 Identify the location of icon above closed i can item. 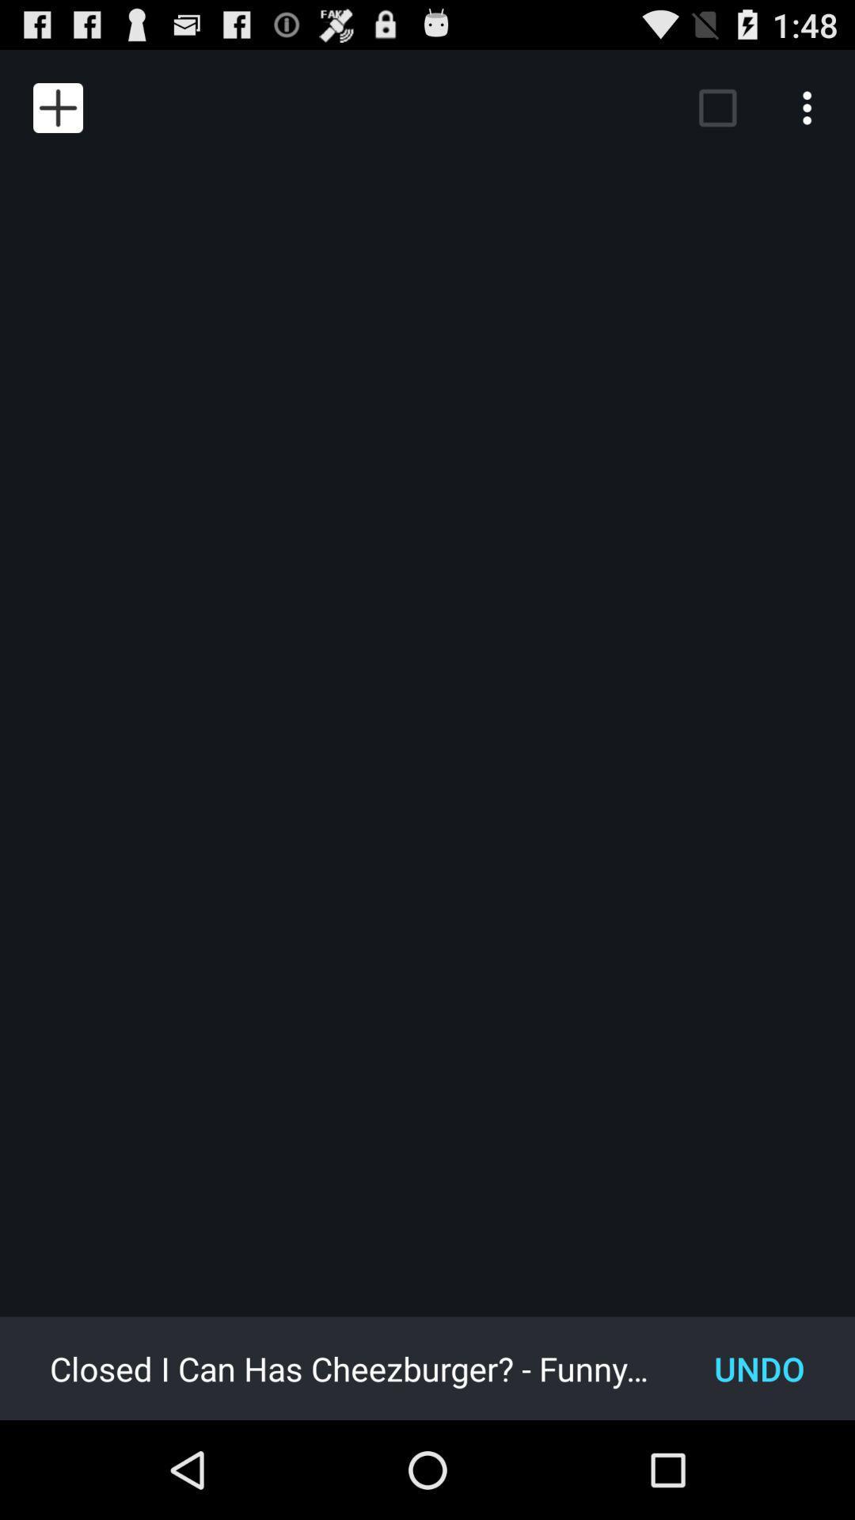
(57, 107).